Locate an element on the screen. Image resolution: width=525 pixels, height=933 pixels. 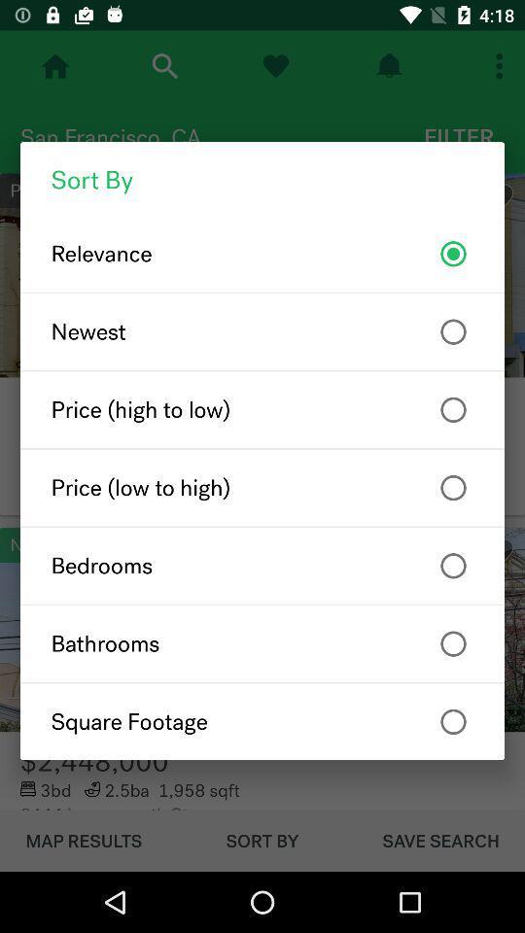
relevance icon is located at coordinates (262, 253).